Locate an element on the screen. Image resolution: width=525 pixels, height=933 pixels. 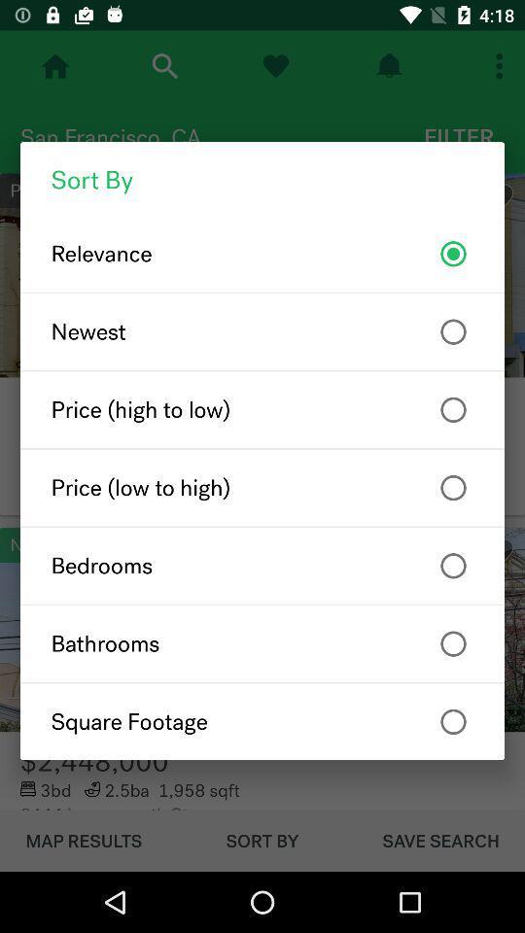
relevance icon is located at coordinates (262, 253).